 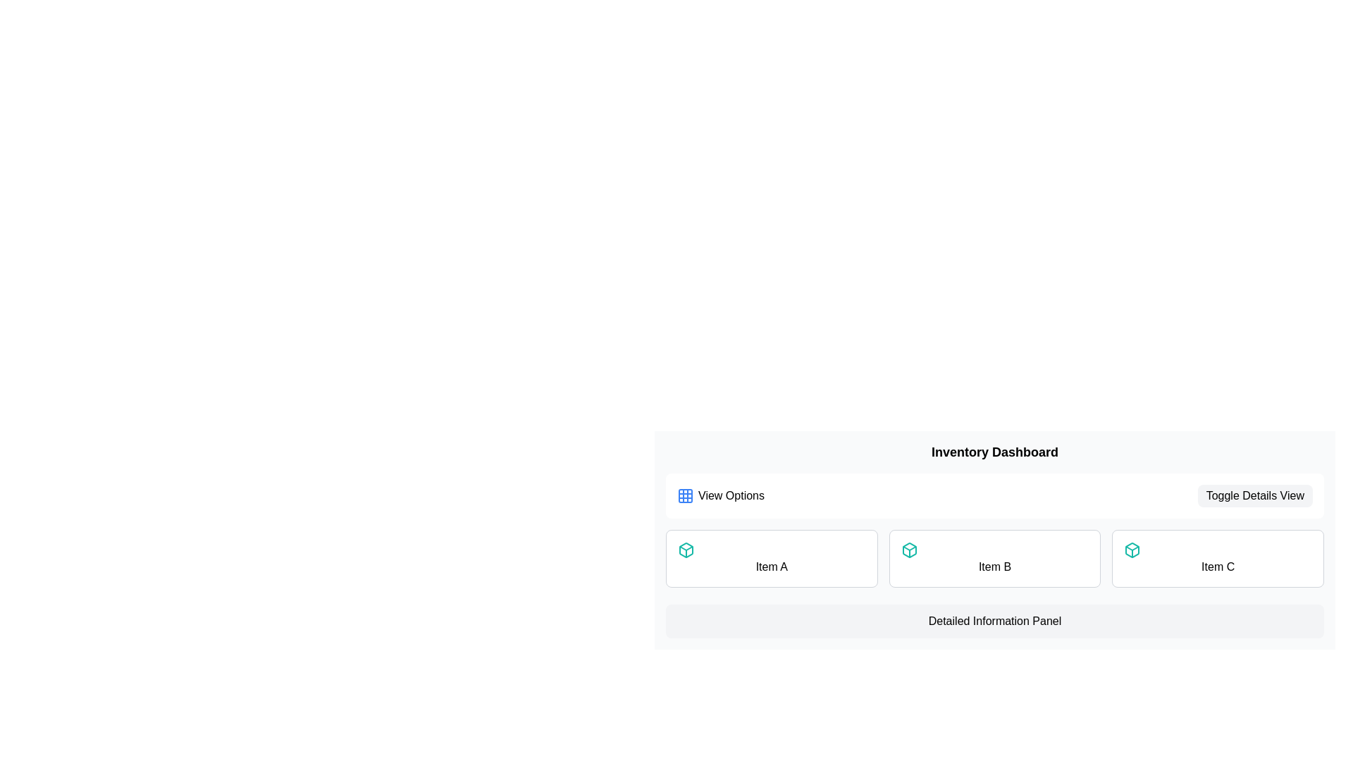 What do you see at coordinates (1132, 549) in the screenshot?
I see `the three-dimensional box icon with a teal outline located in the first card labeled 'Item A', which is in the first column of the items row under the 'View Options' button` at bounding box center [1132, 549].